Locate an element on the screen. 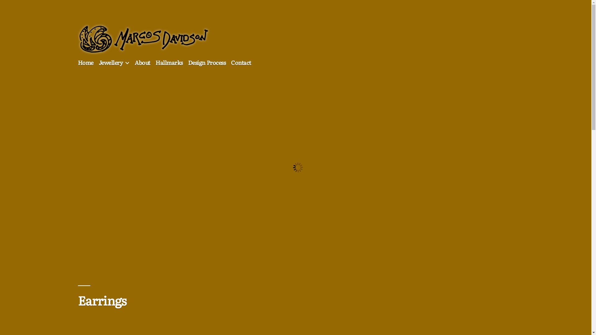  'Hallmarks' is located at coordinates (155, 62).